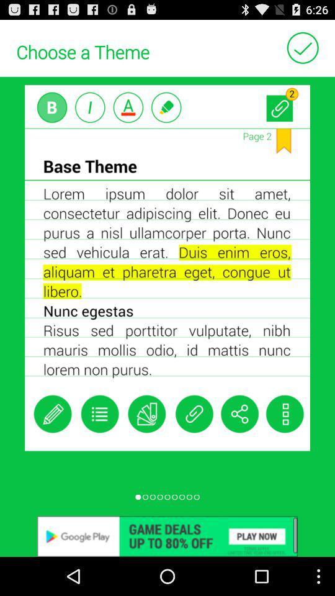 The image size is (335, 596). I want to click on theme, so click(302, 47).